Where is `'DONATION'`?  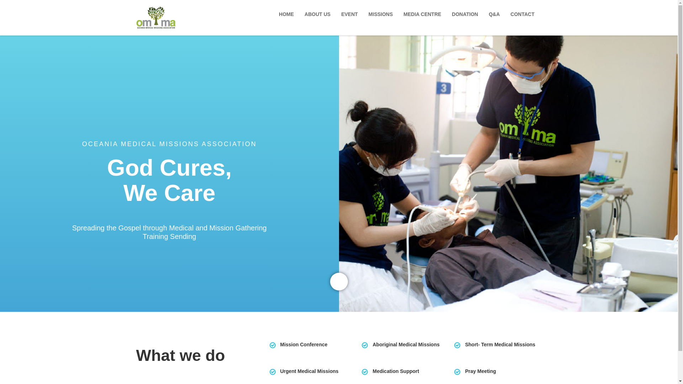
'DONATION' is located at coordinates (448, 14).